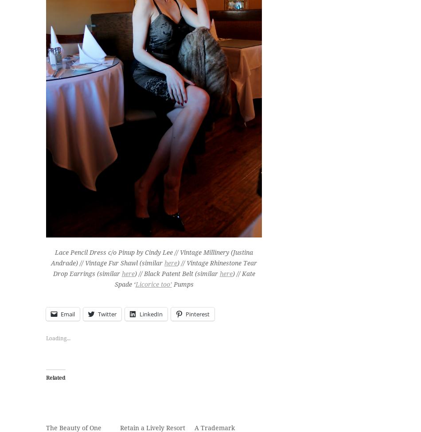  What do you see at coordinates (184, 278) in the screenshot?
I see `') // Kate Spade ‘'` at bounding box center [184, 278].